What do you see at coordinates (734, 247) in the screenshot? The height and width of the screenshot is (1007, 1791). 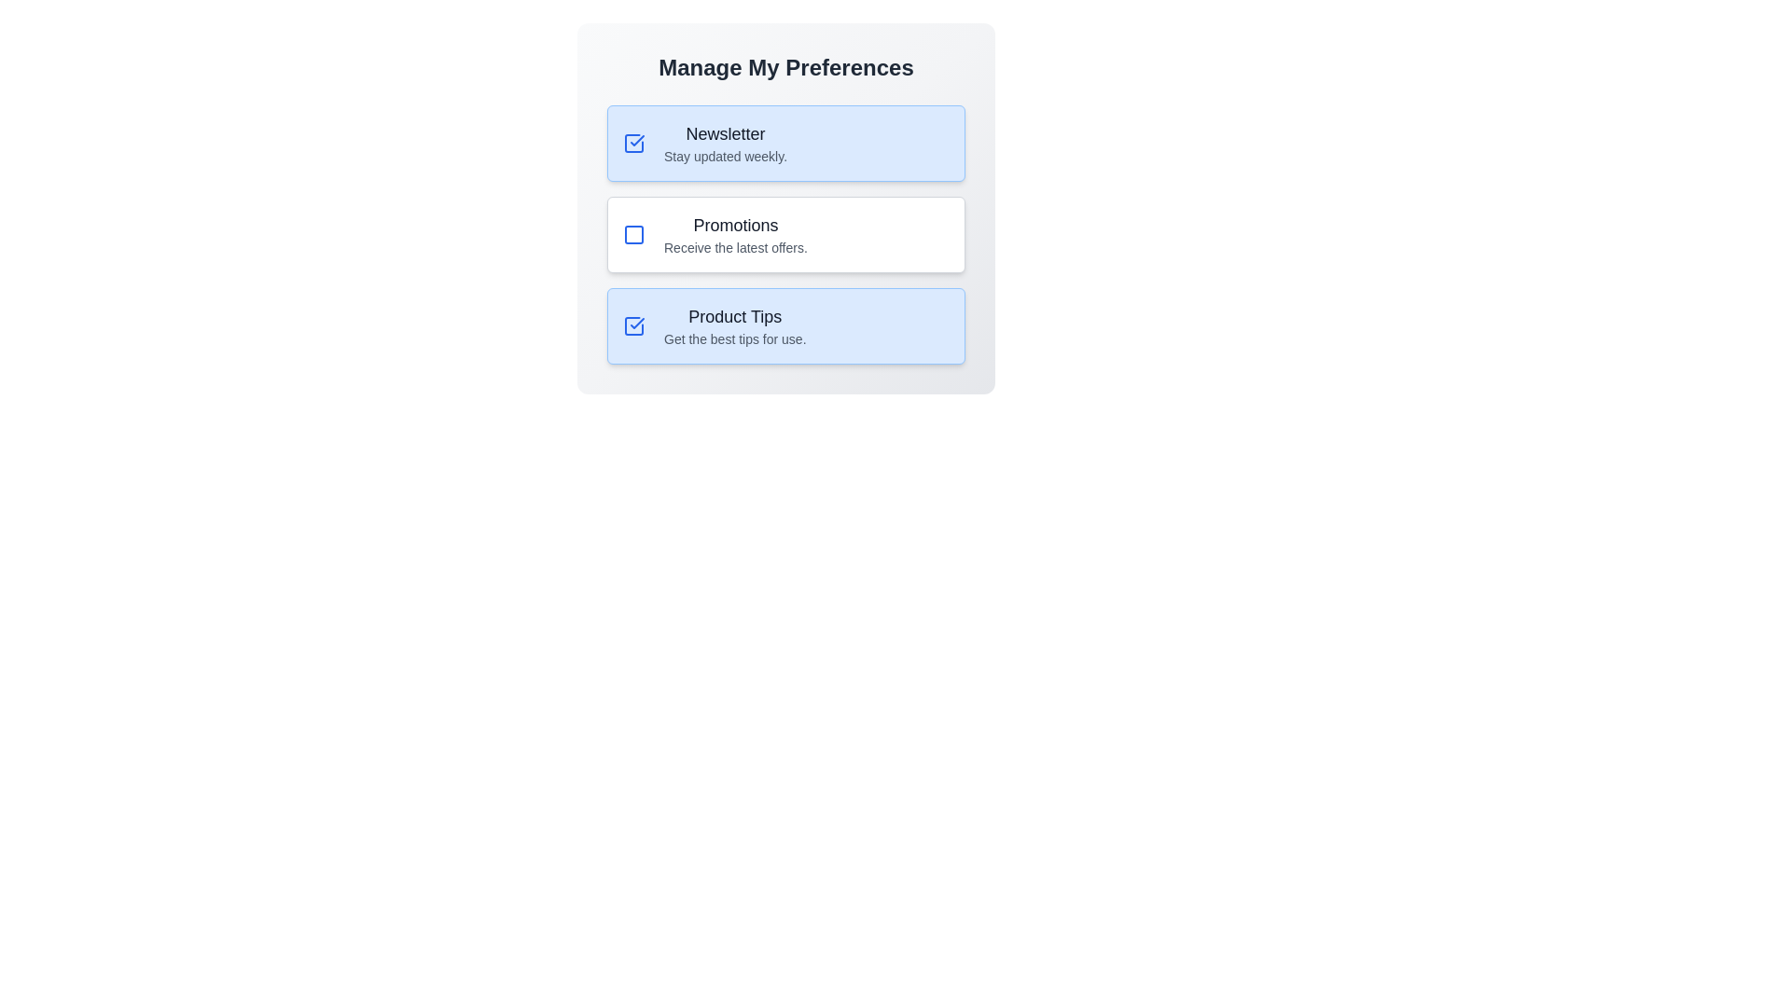 I see `the Text Label displaying 'Receive the latest offers.' which is located below the 'Promotions' heading` at bounding box center [734, 247].